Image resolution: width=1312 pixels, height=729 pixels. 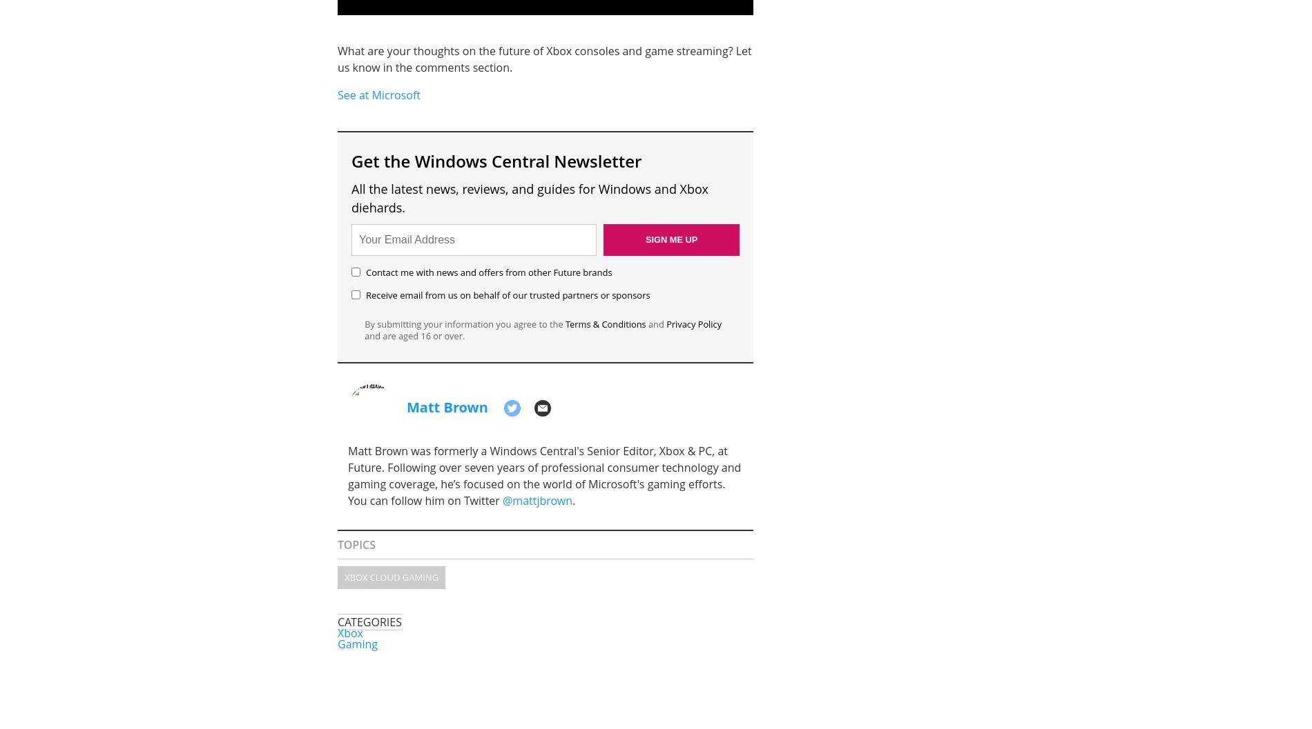 What do you see at coordinates (529, 197) in the screenshot?
I see `'All the latest news, reviews, and guides for Windows and Xbox diehards.'` at bounding box center [529, 197].